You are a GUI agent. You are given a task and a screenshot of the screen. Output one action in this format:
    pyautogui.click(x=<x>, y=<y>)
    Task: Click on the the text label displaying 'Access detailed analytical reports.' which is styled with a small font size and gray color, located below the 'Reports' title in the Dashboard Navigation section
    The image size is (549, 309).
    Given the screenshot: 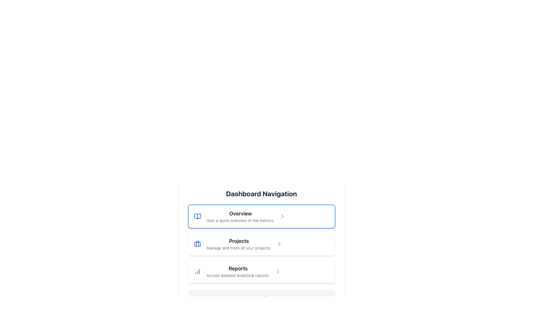 What is the action you would take?
    pyautogui.click(x=238, y=275)
    